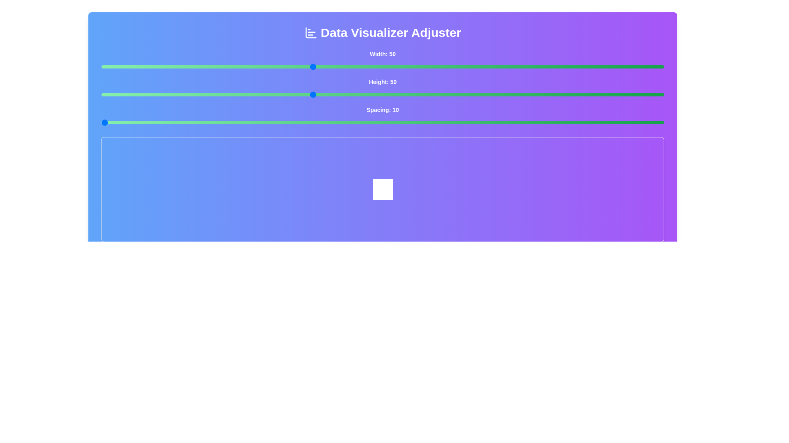 This screenshot has width=789, height=443. Describe the element at coordinates (207, 66) in the screenshot. I see `the 'Width' slider to 35` at that location.